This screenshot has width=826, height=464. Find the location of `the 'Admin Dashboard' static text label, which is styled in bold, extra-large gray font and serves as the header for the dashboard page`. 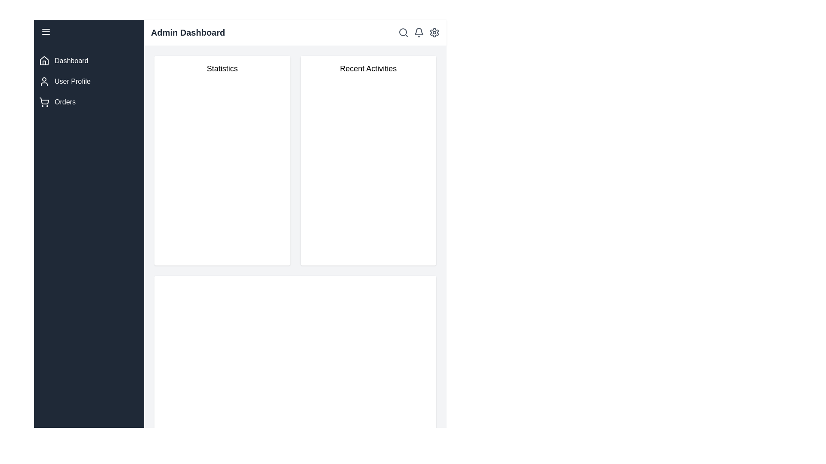

the 'Admin Dashboard' static text label, which is styled in bold, extra-large gray font and serves as the header for the dashboard page is located at coordinates (188, 32).